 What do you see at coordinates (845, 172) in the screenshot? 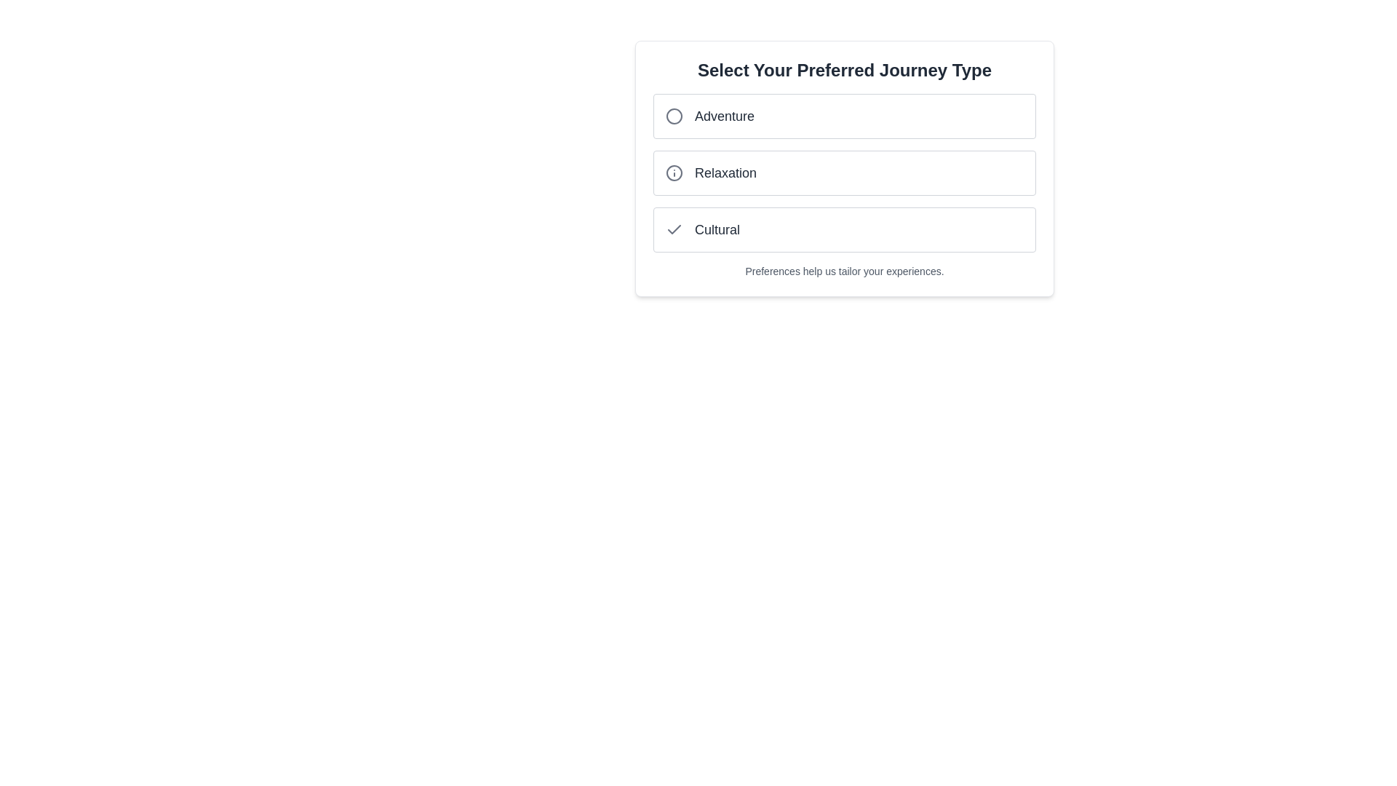
I see `the 'Relaxation' option in the list of selectable user preferences for journey types` at bounding box center [845, 172].